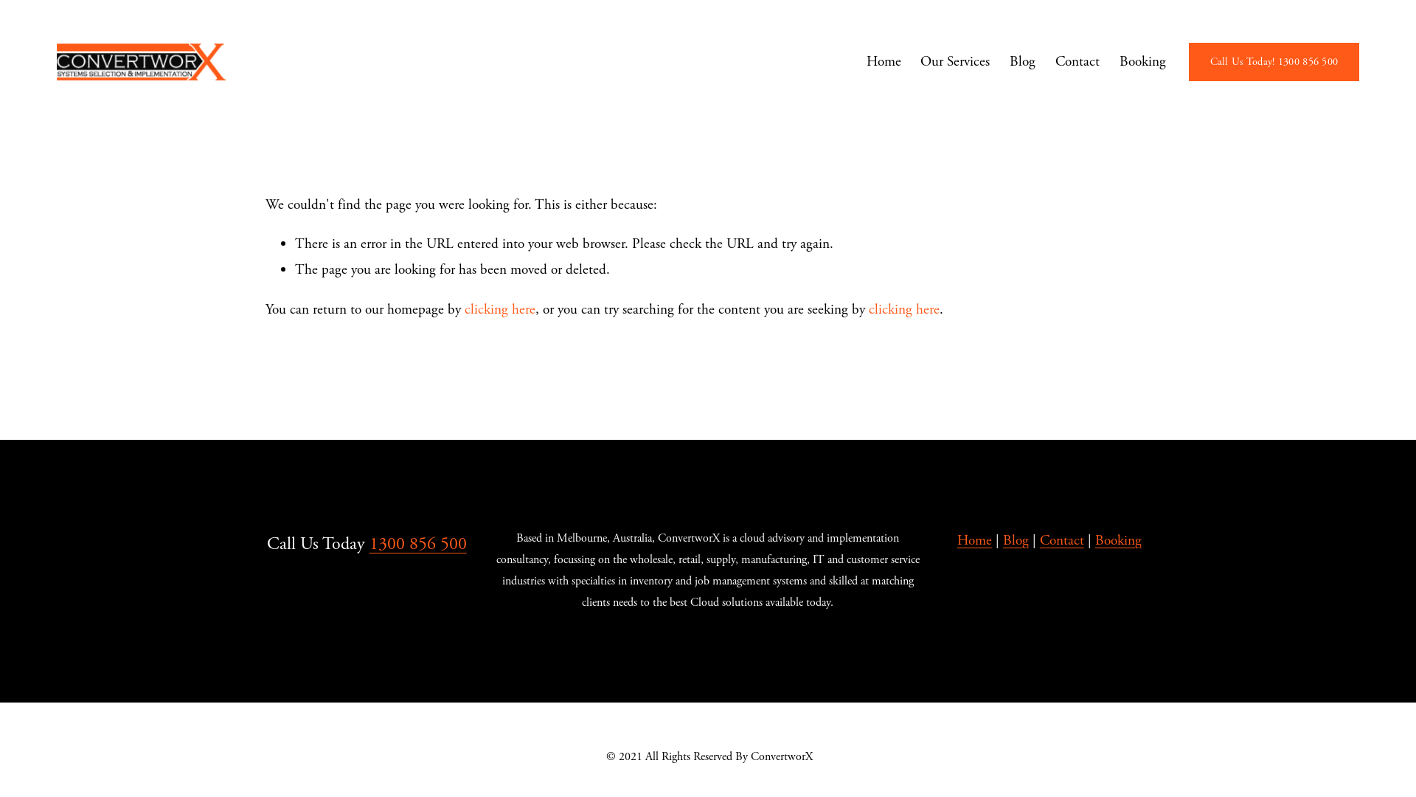  I want to click on 'Booking', so click(1118, 541).